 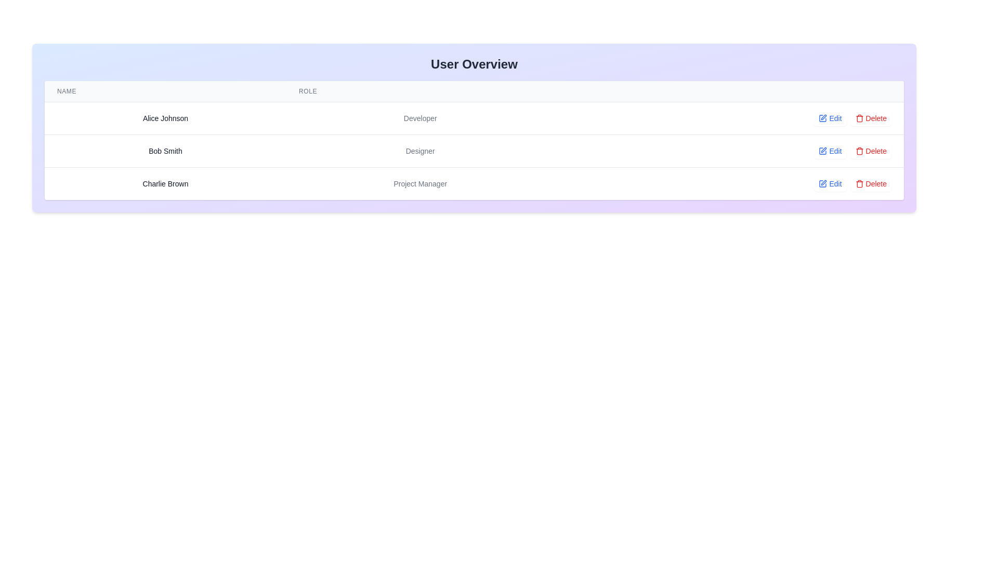 I want to click on the 'Delete' button, which is part of a group of action buttons labeled 'Edit' in blue and 'Delete' in red, located on the right side of the table row for 'Charlie Brown', the Project Manager, so click(x=728, y=183).